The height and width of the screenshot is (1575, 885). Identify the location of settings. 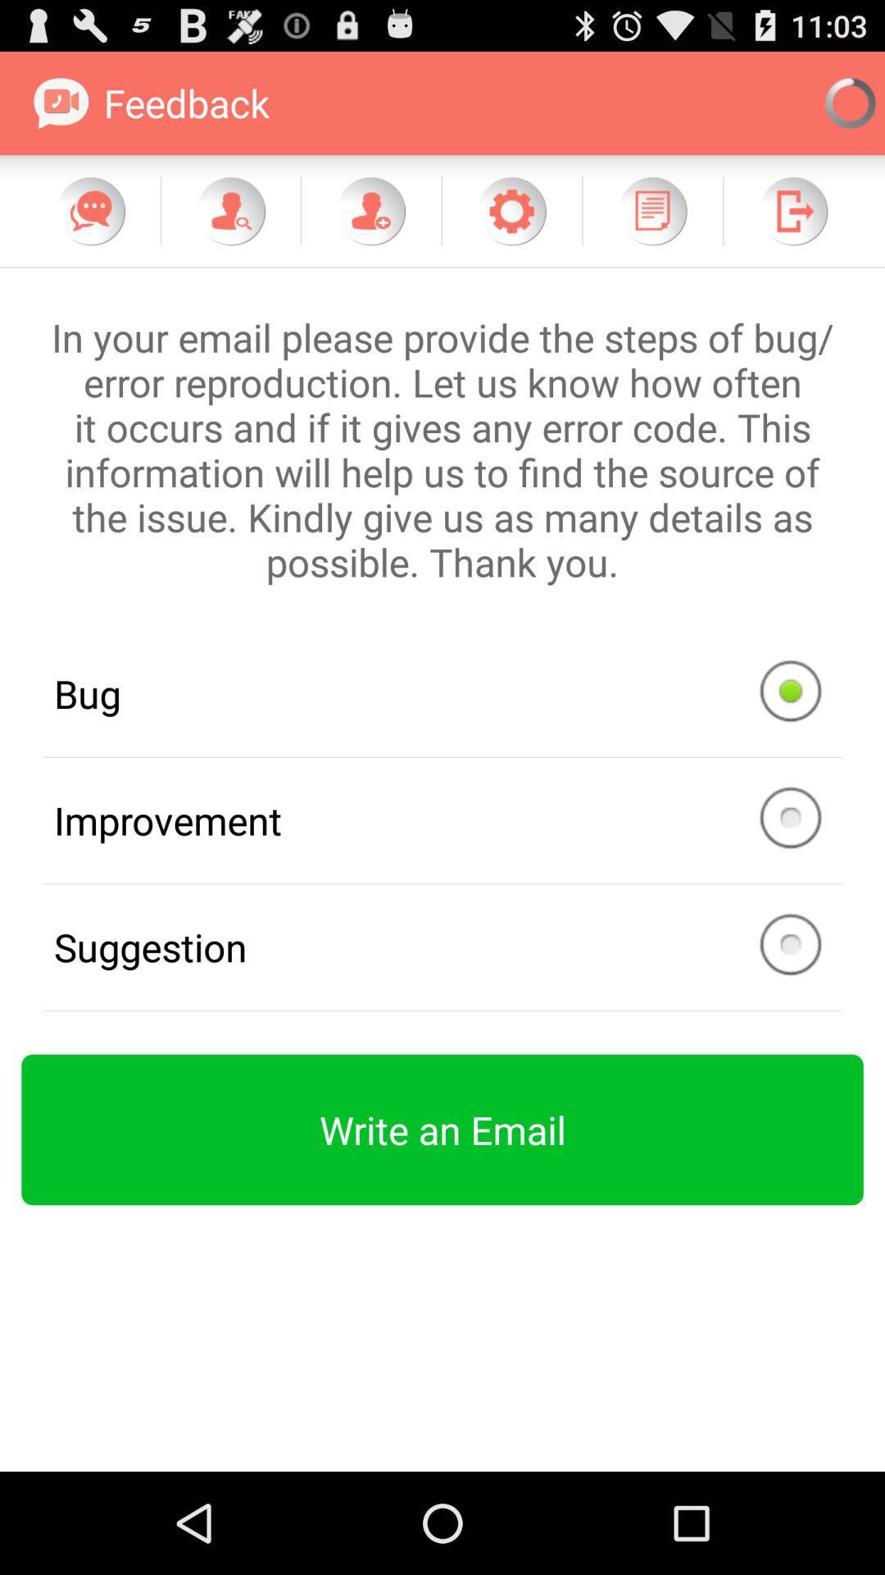
(511, 210).